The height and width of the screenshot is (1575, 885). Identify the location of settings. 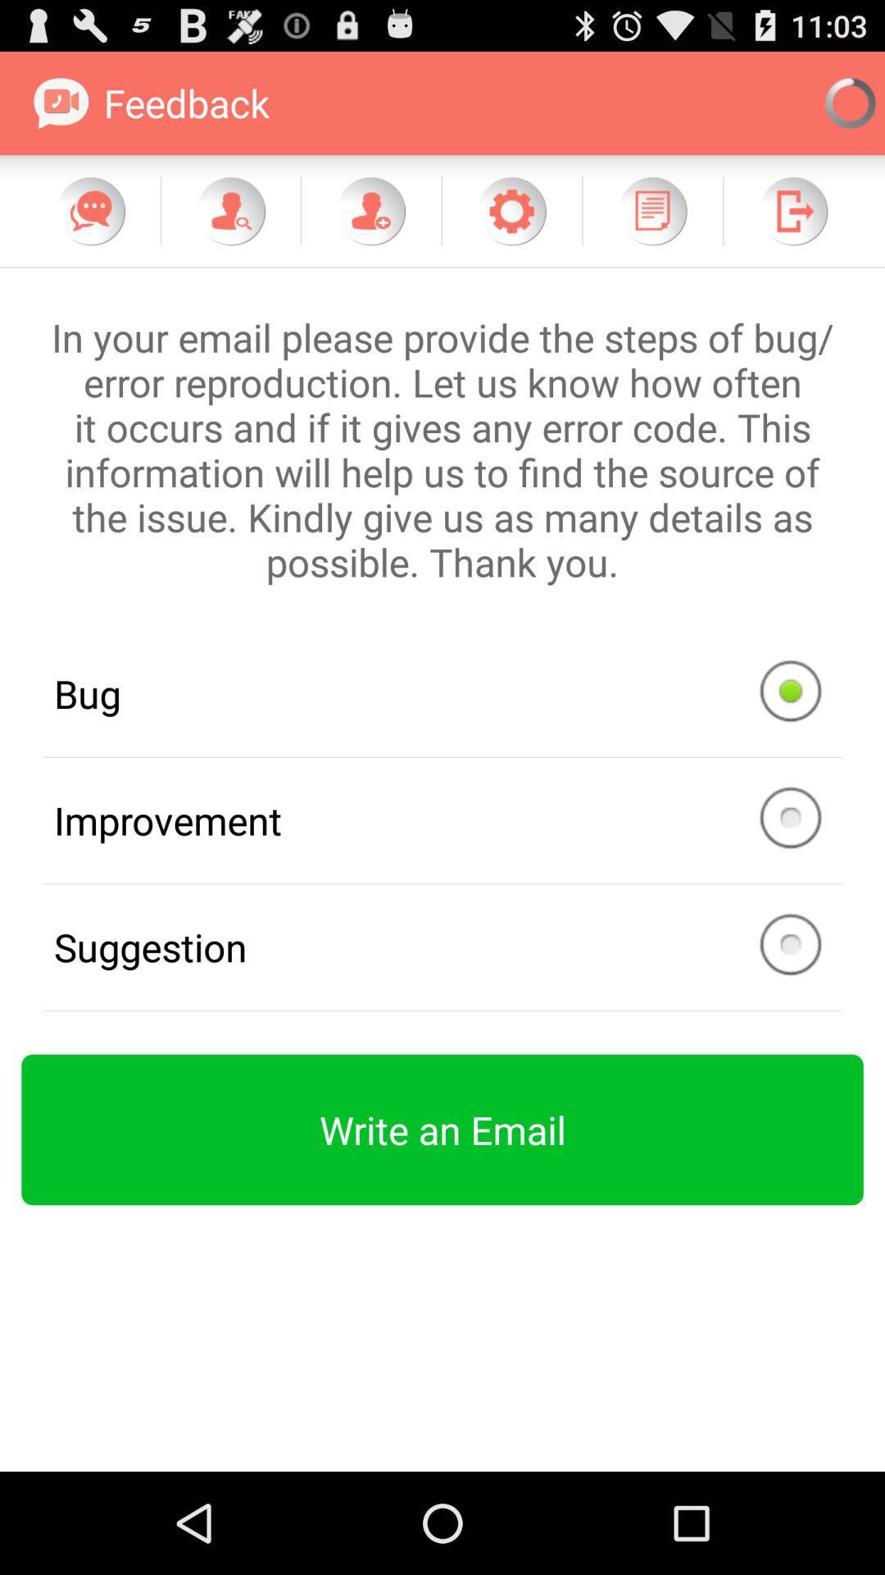
(511, 210).